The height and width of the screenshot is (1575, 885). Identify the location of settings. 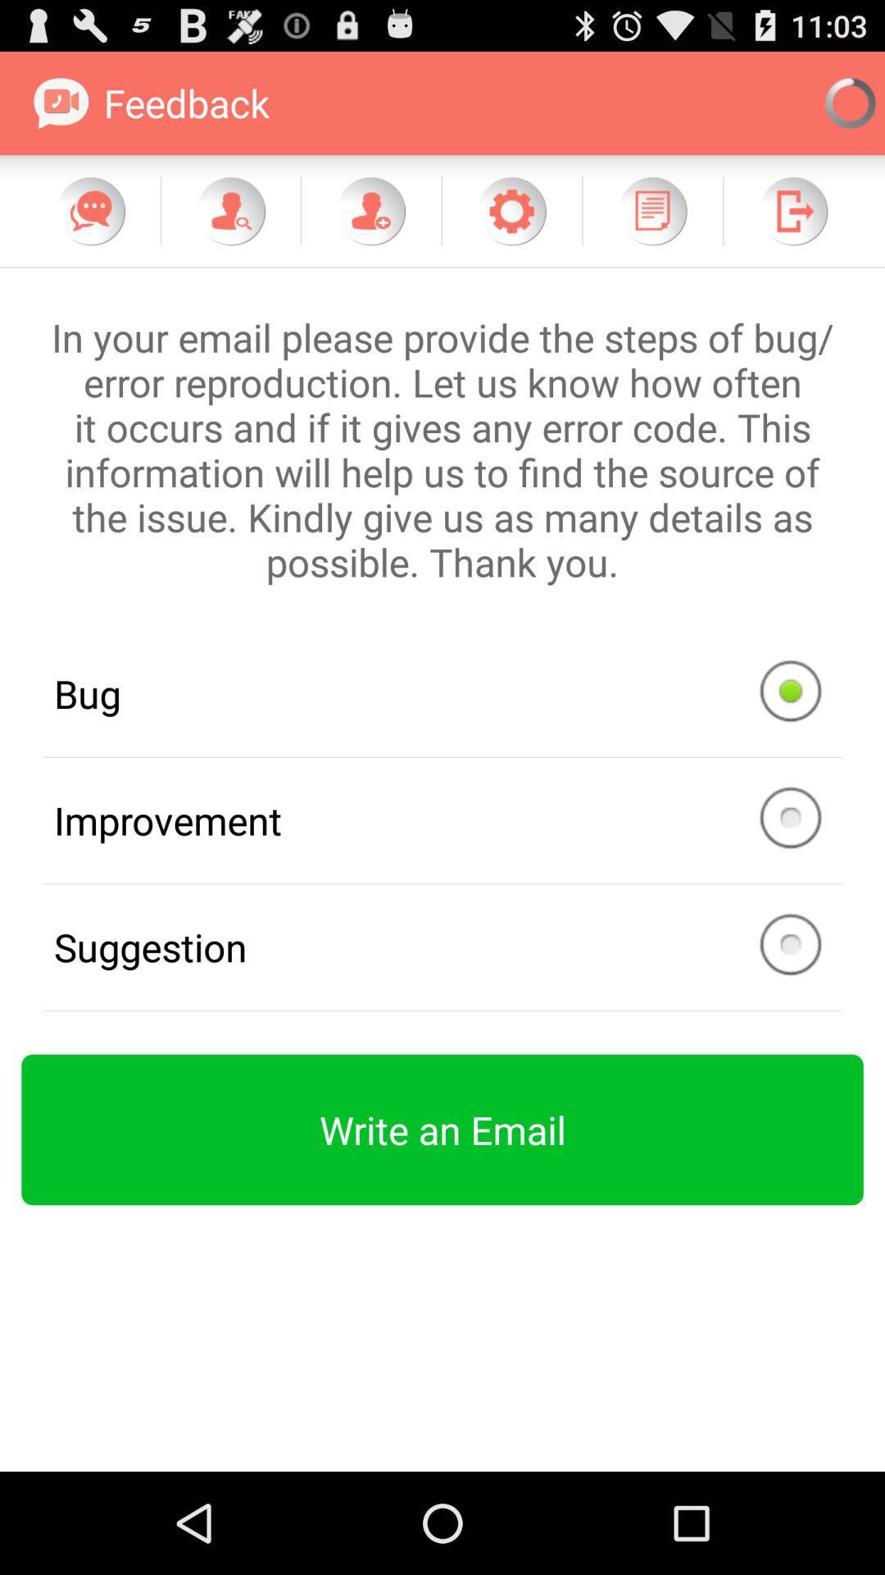
(511, 210).